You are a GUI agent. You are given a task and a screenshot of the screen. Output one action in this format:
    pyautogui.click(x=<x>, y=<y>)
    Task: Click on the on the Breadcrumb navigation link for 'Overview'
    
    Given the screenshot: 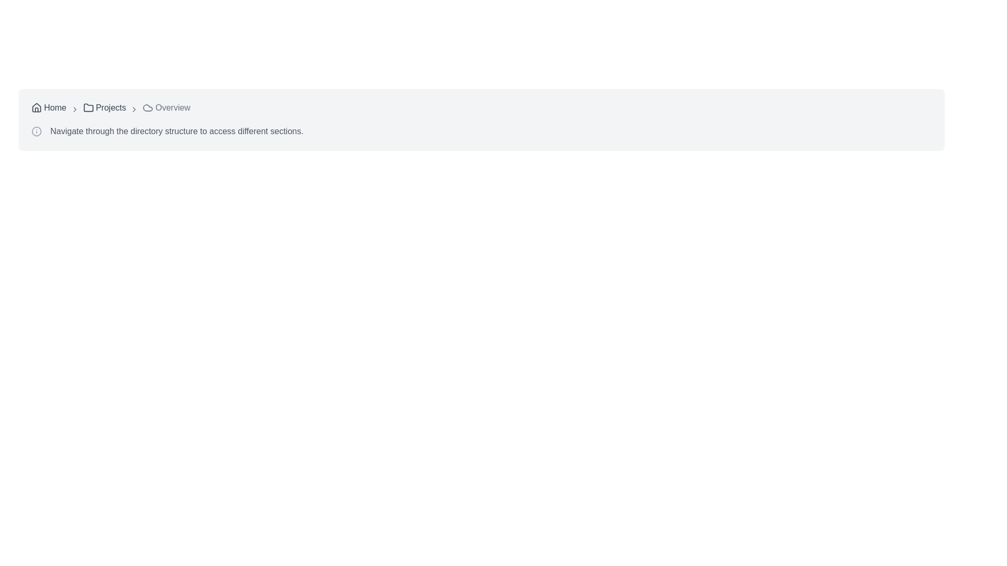 What is the action you would take?
    pyautogui.click(x=166, y=107)
    